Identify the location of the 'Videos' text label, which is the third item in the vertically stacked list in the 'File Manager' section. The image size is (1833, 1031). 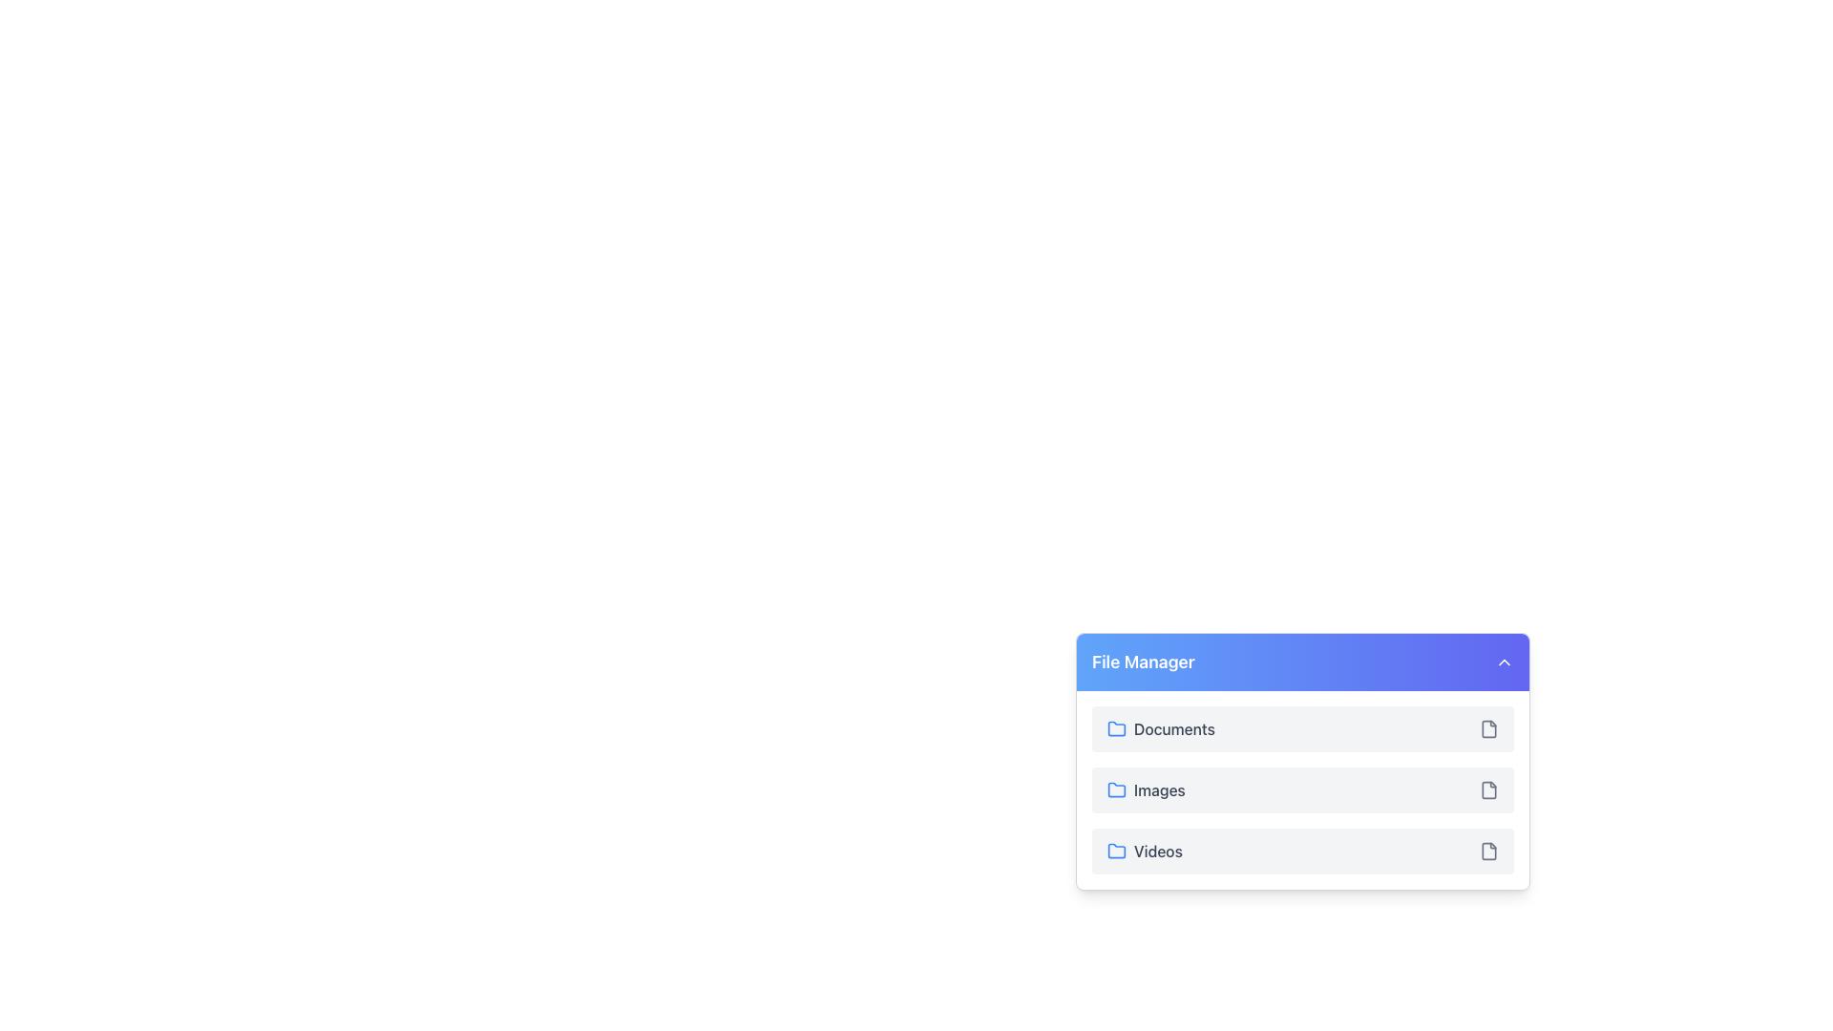
(1145, 850).